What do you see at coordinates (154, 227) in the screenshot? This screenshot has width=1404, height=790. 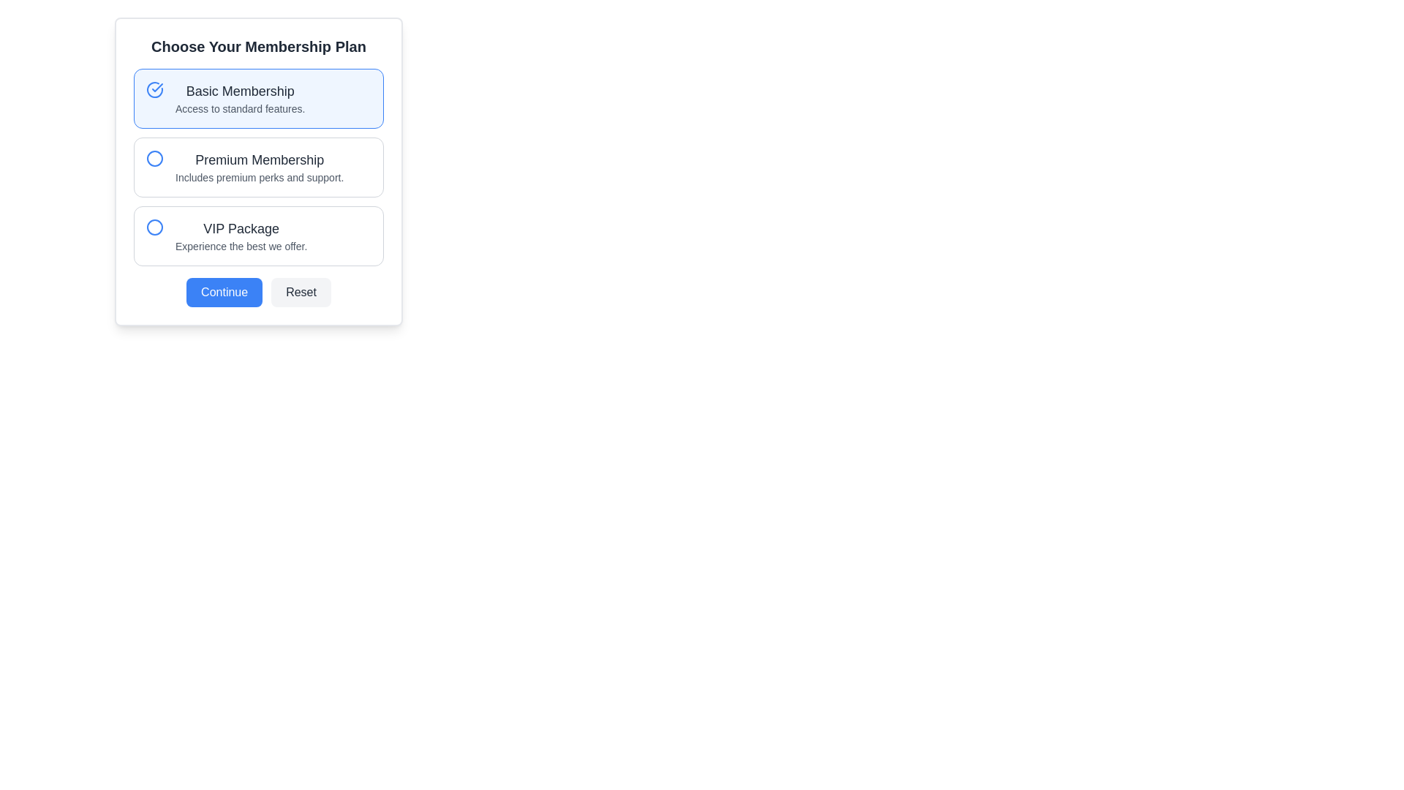 I see `the selectable radio button or circular icon indicating the 'VIP Package' membership option` at bounding box center [154, 227].